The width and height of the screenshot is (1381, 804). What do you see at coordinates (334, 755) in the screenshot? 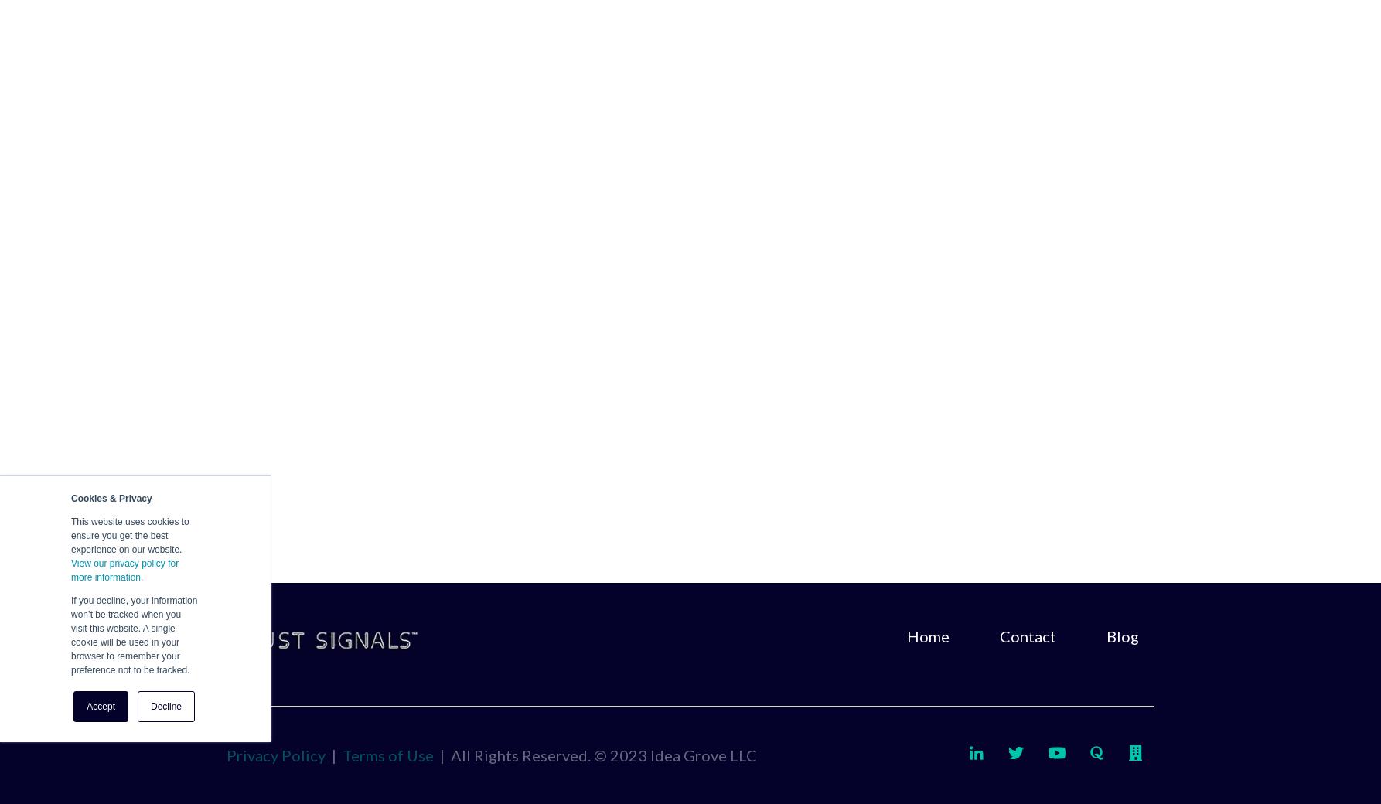
I see `'|'` at bounding box center [334, 755].